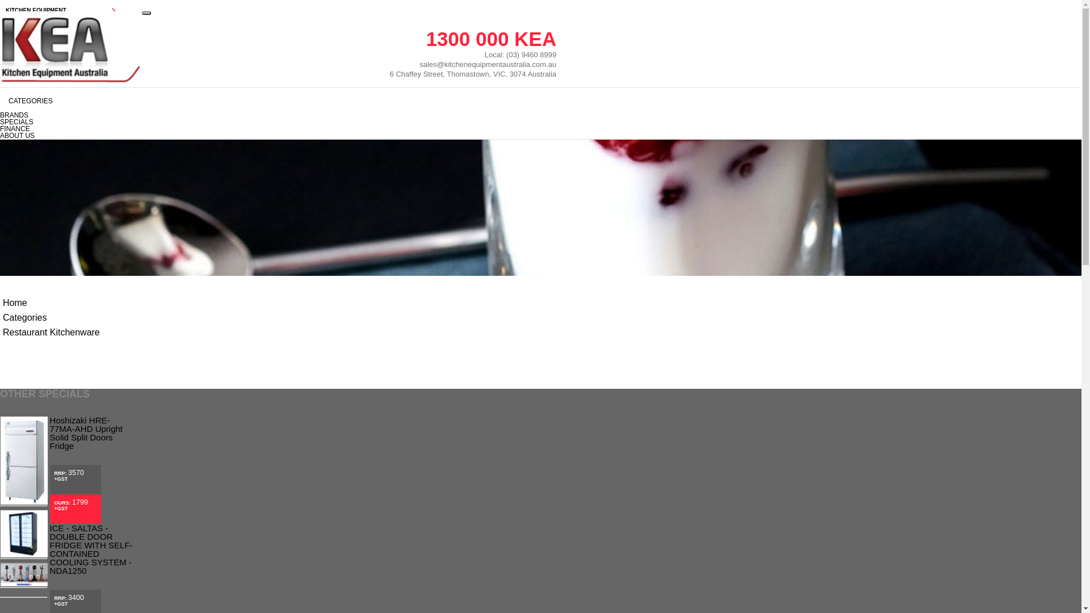 This screenshot has width=1090, height=613. What do you see at coordinates (62, 275) in the screenshot?
I see `'STAINLESS STEEL'` at bounding box center [62, 275].